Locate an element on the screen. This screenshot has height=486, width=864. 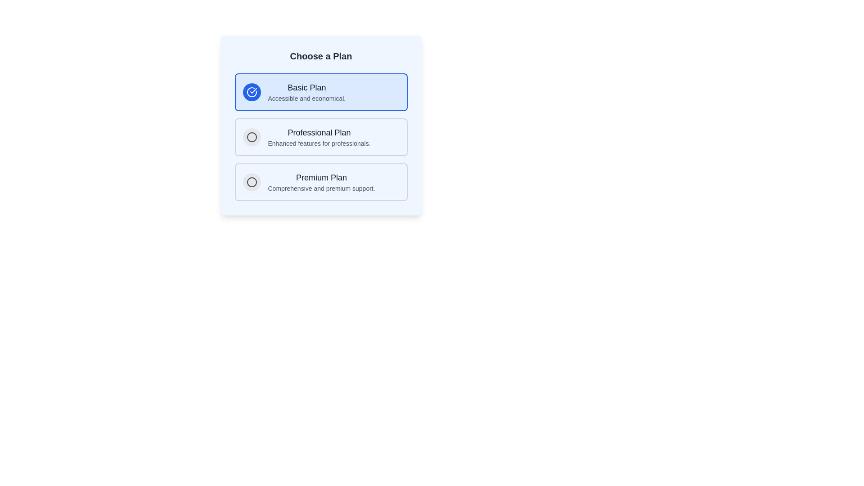
the blue circular icon with a white outlined checkmark, which is located to the left of the 'Basic Plan' option text is located at coordinates (252, 92).